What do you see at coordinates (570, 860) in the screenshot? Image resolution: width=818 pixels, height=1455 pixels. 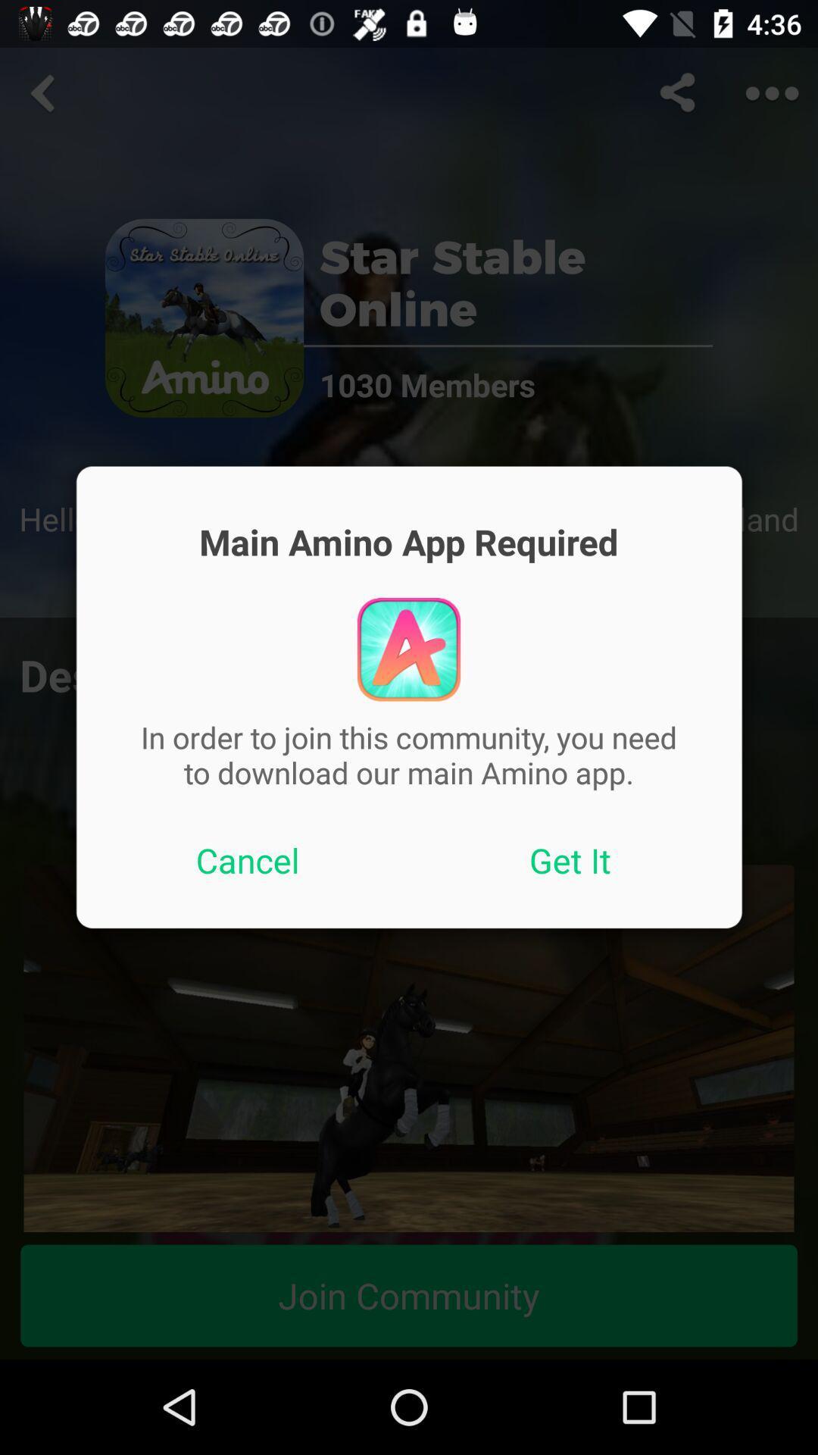 I see `the icon on the right` at bounding box center [570, 860].